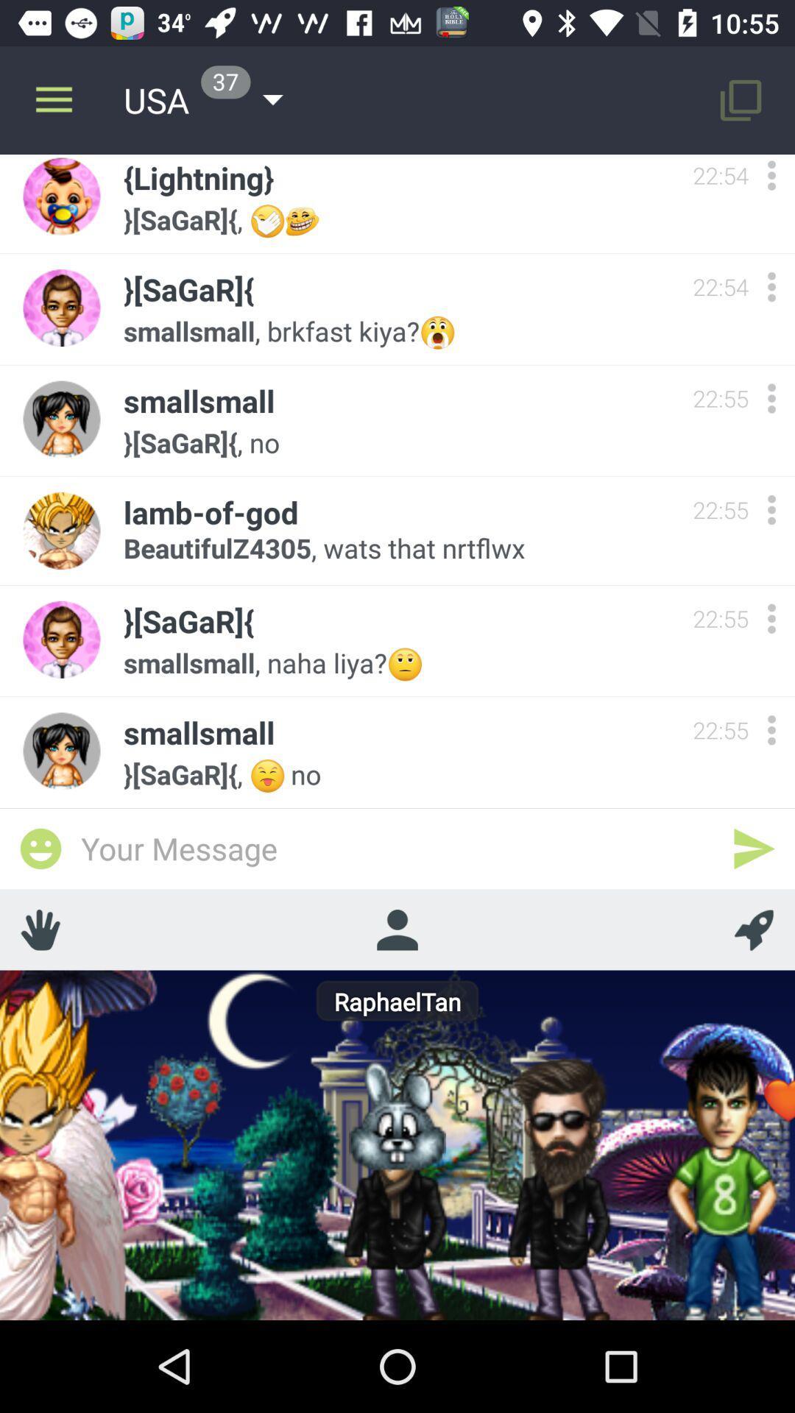  Describe the element at coordinates (396, 929) in the screenshot. I see `profile` at that location.